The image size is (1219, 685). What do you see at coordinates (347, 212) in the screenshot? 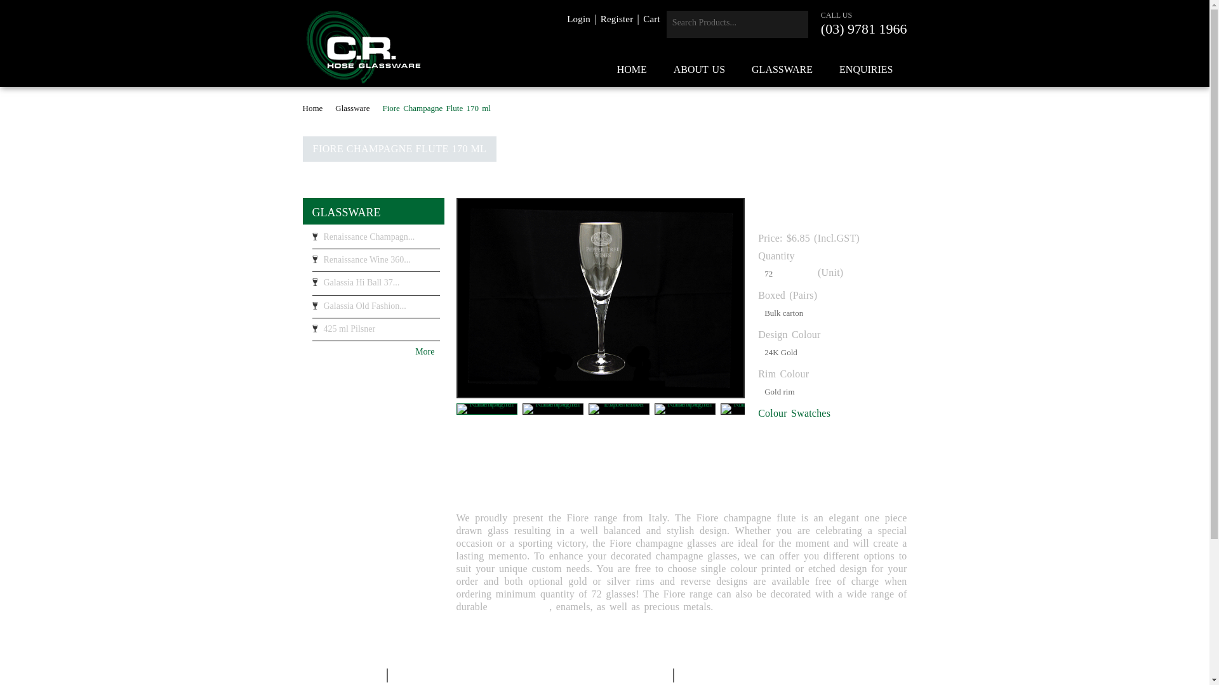
I see `'GLASSWARE'` at bounding box center [347, 212].